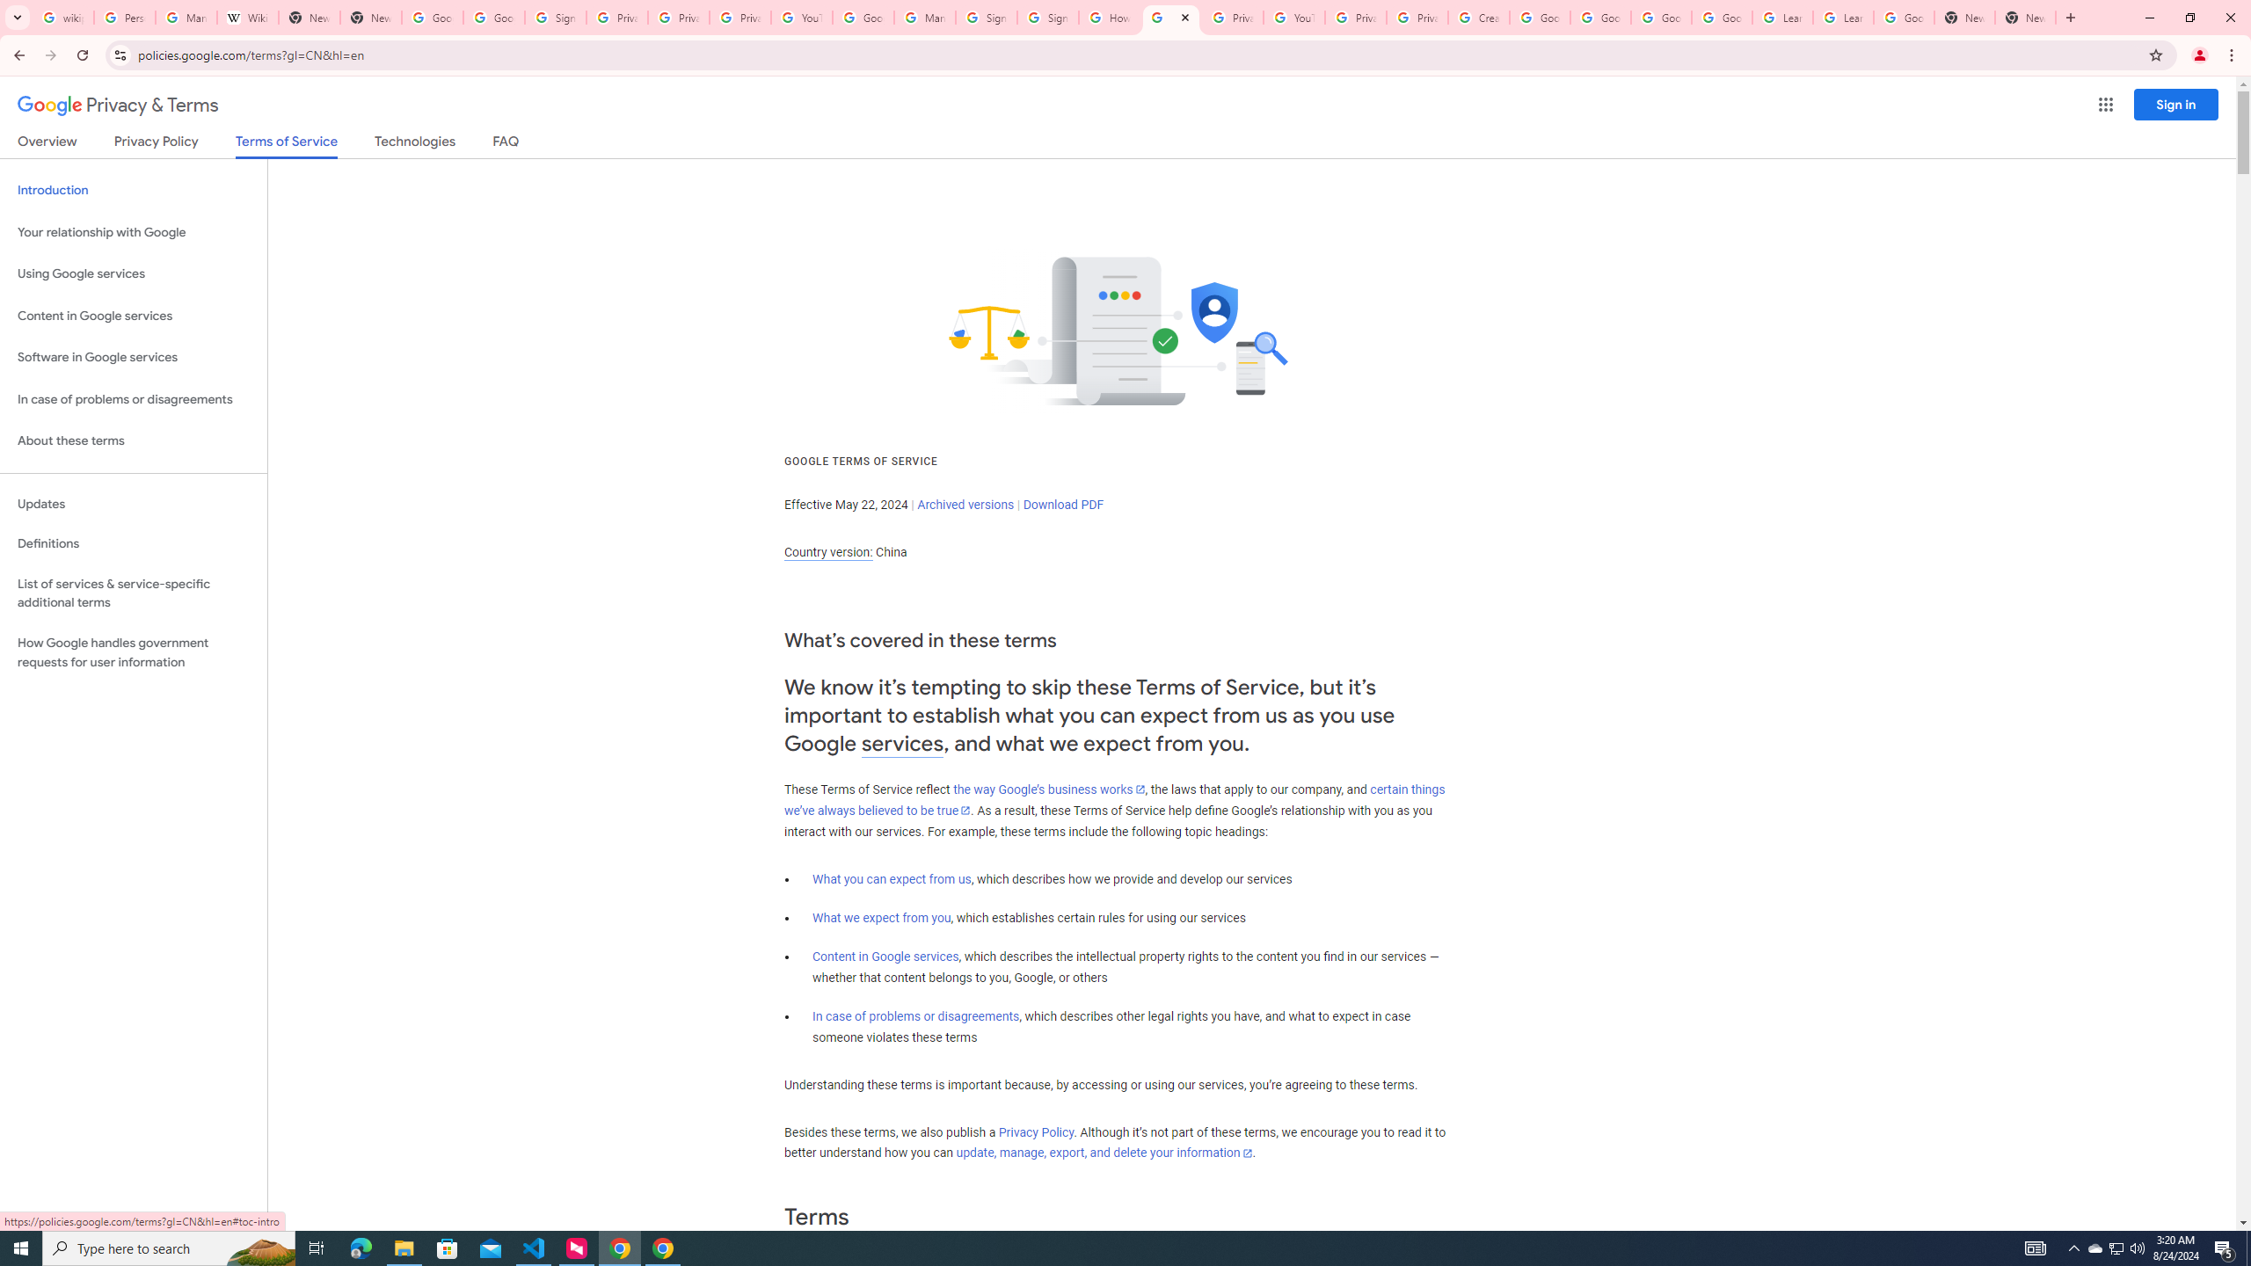  I want to click on 'Sign in - Google Accounts', so click(1046, 17).